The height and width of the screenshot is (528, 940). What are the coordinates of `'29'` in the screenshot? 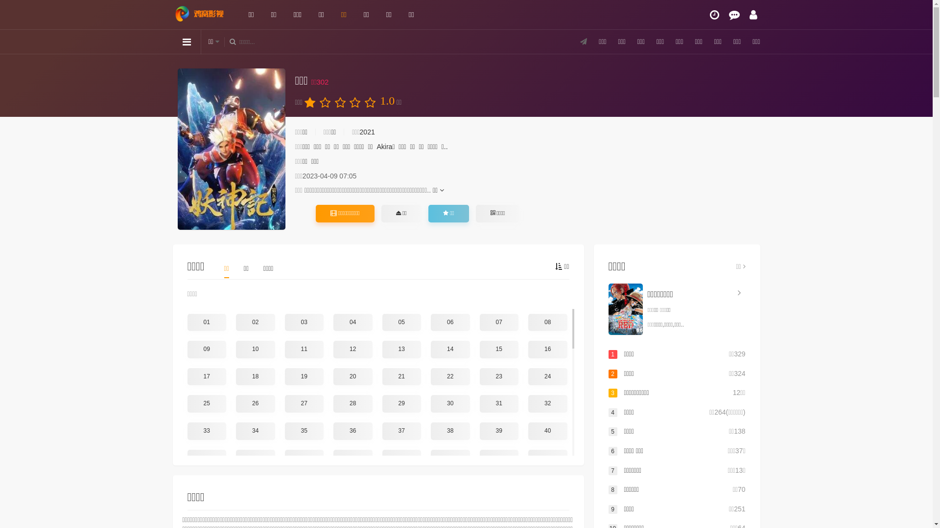 It's located at (401, 403).